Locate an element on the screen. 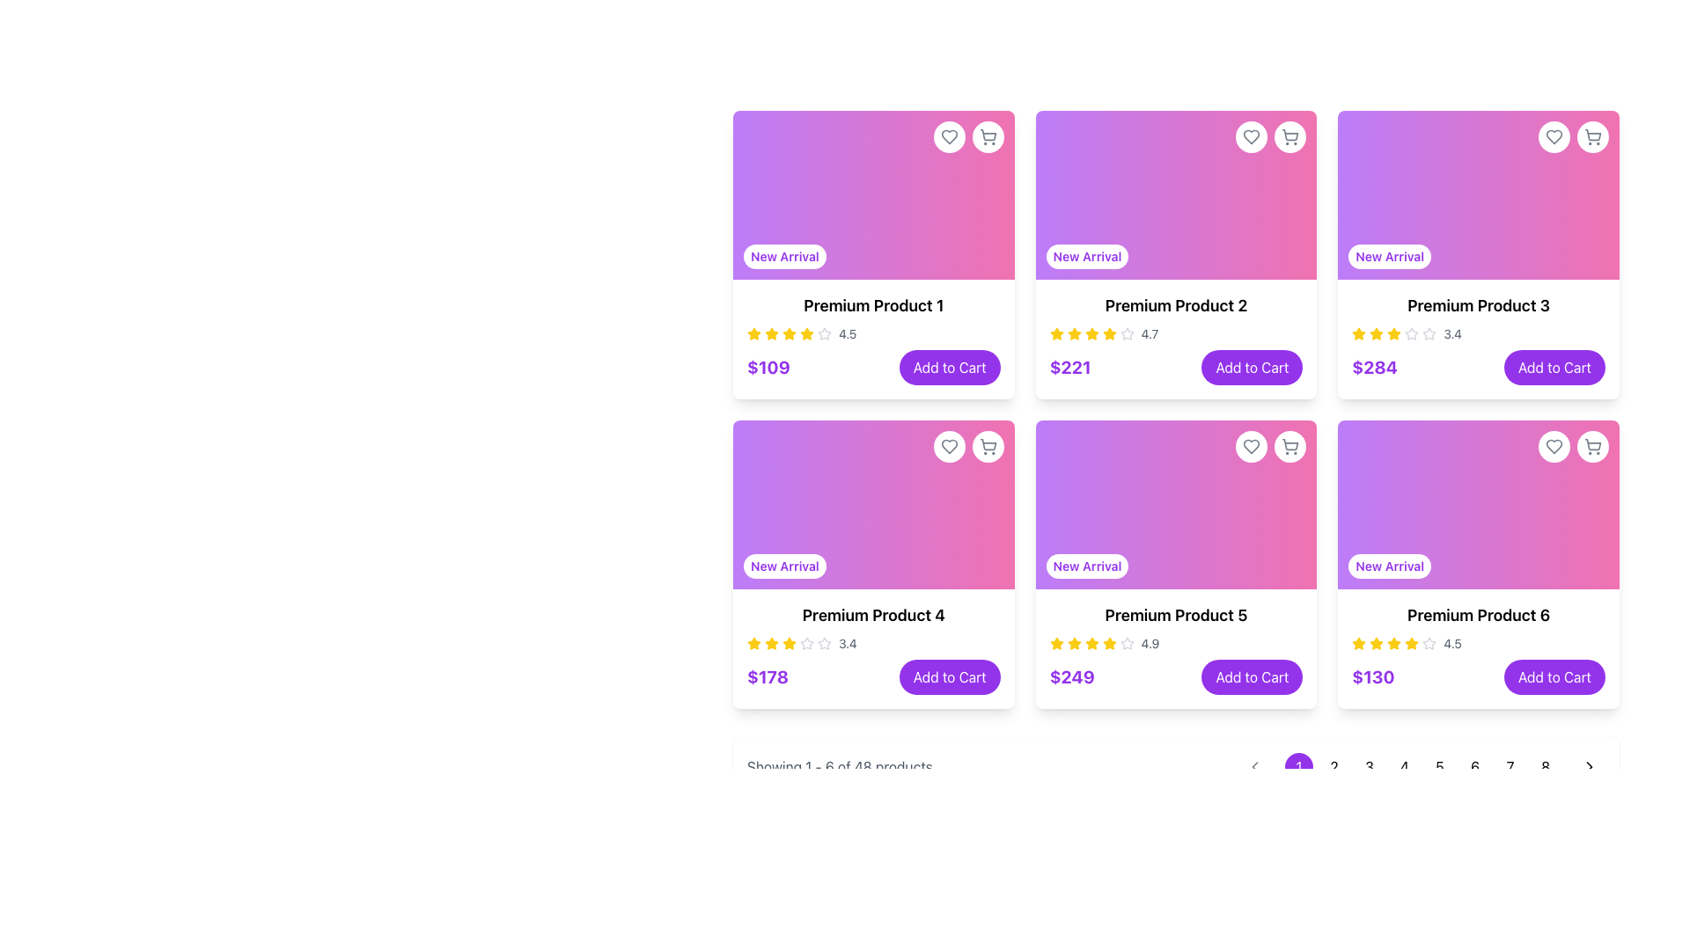 The height and width of the screenshot is (950, 1690). the rating display consisting of five stars, where four stars are filled yellow and one is gray, located in the bottom section of the card for 'Premium Product 6' is located at coordinates (1479, 644).